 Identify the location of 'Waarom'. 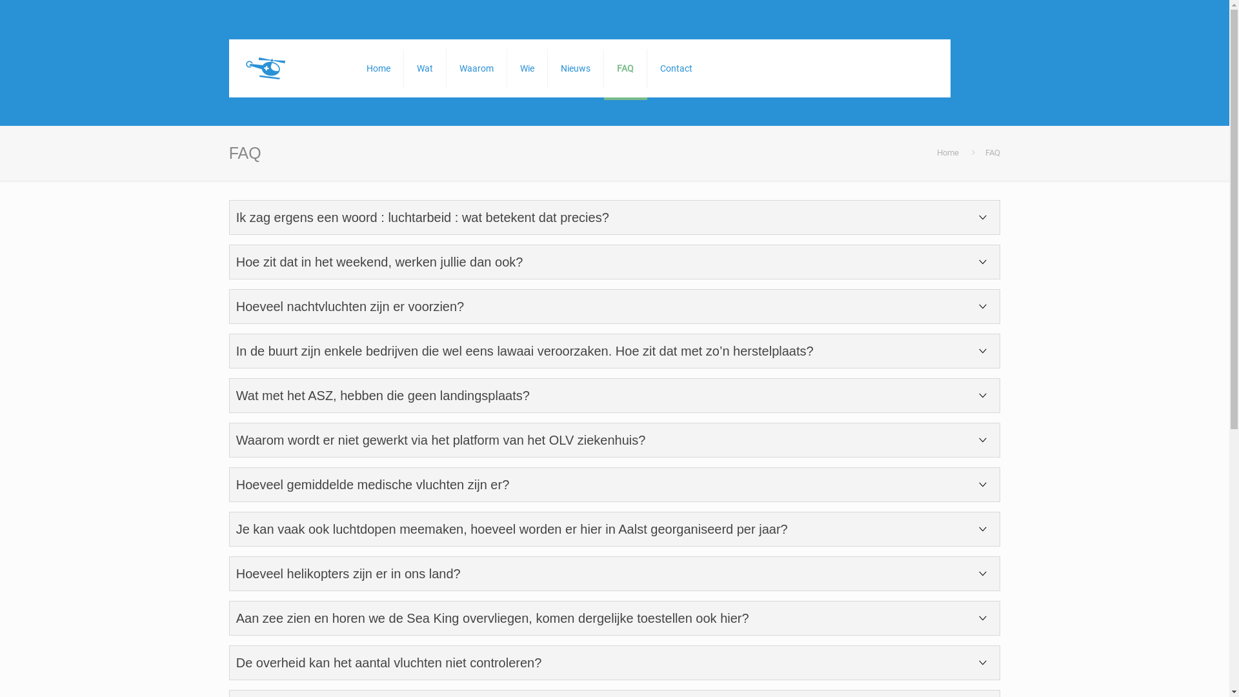
(476, 68).